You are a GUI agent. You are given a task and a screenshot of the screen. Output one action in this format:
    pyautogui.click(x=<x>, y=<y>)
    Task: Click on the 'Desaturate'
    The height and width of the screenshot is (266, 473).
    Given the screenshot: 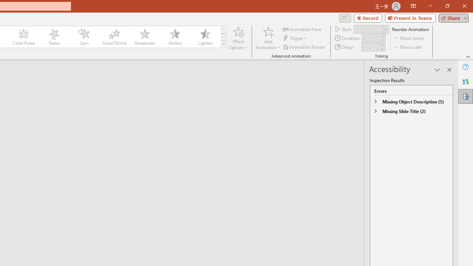 What is the action you would take?
    pyautogui.click(x=144, y=37)
    